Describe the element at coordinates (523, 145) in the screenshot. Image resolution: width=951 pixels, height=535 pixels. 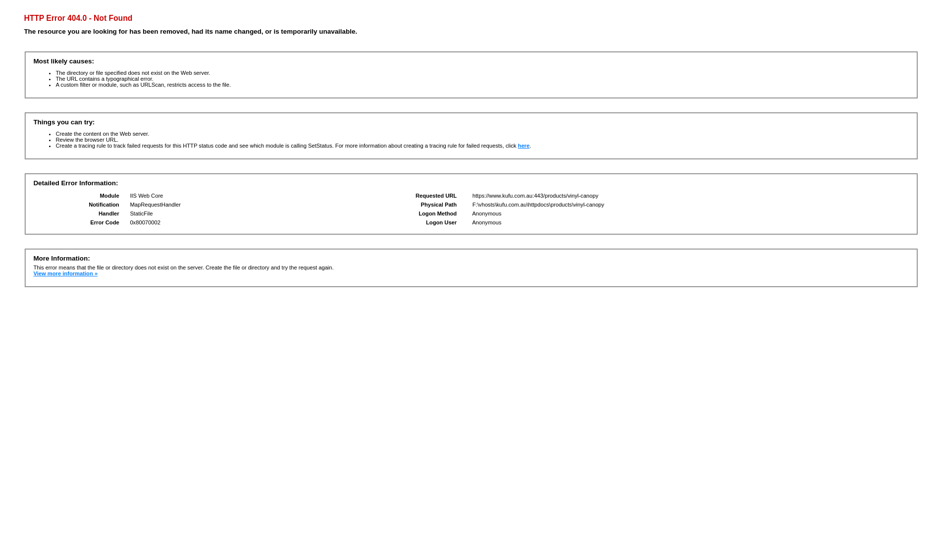
I see `'here'` at that location.